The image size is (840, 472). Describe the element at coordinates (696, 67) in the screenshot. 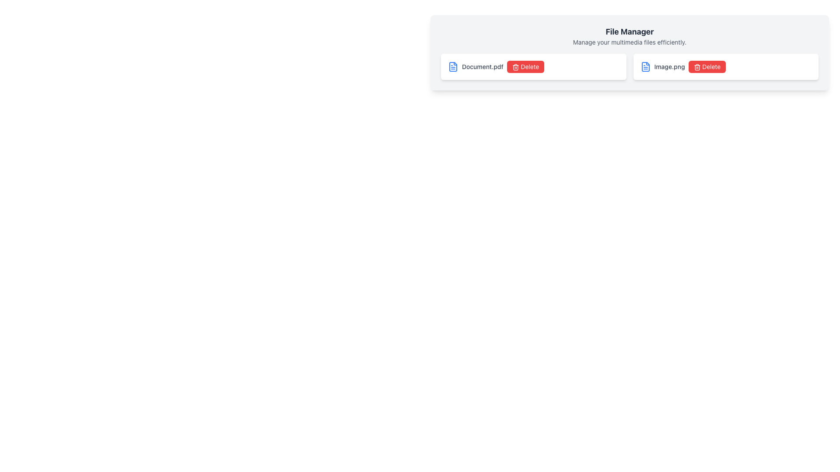

I see `the trash bin icon element, which signifies the delete action associated with the adjacent 'Delete' button in the File Manager interface` at that location.